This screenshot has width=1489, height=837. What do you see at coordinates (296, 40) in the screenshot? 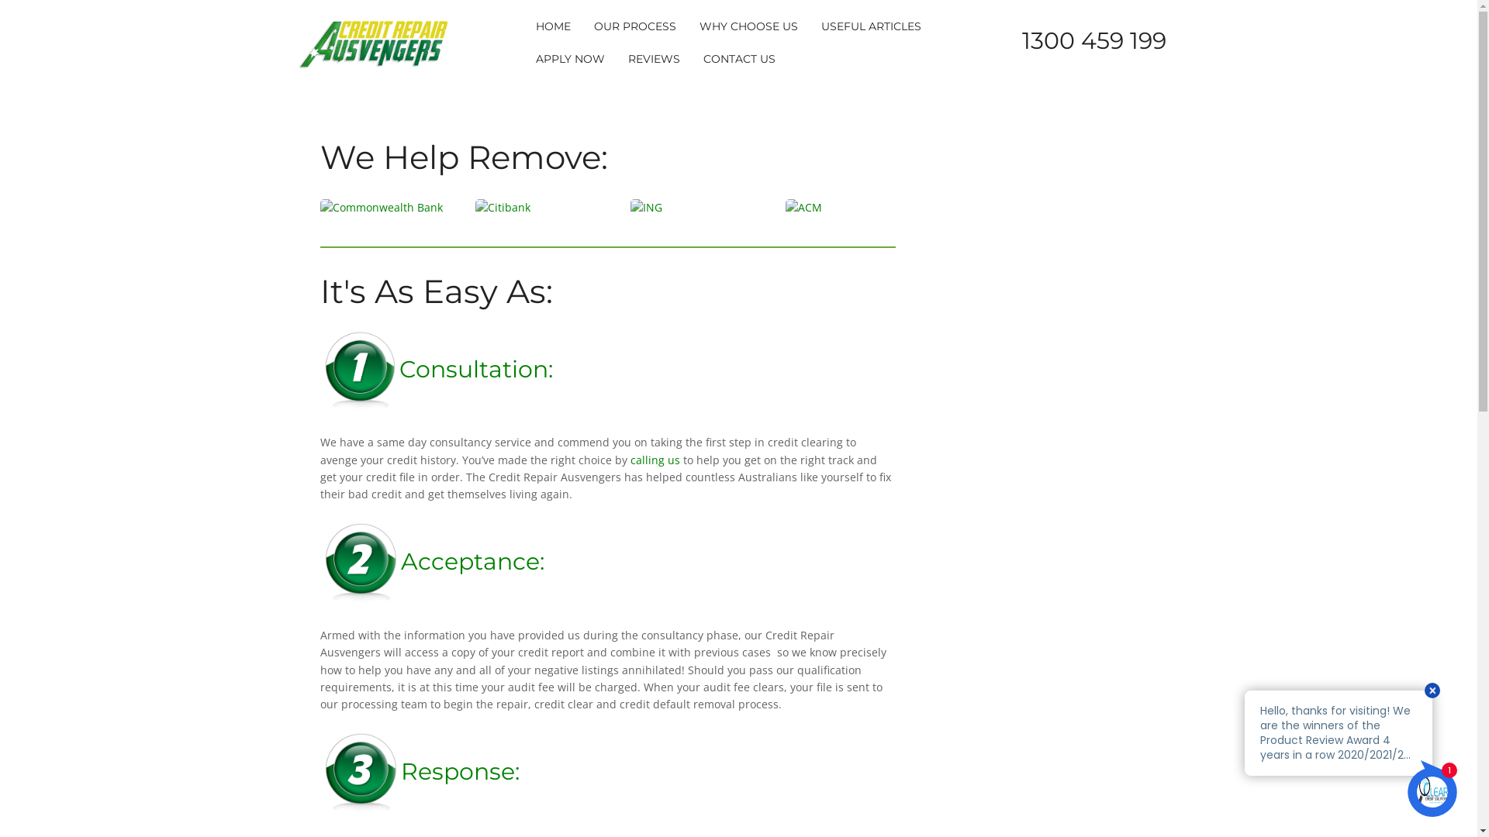
I see `'Credit Repair Ausvengers'` at bounding box center [296, 40].